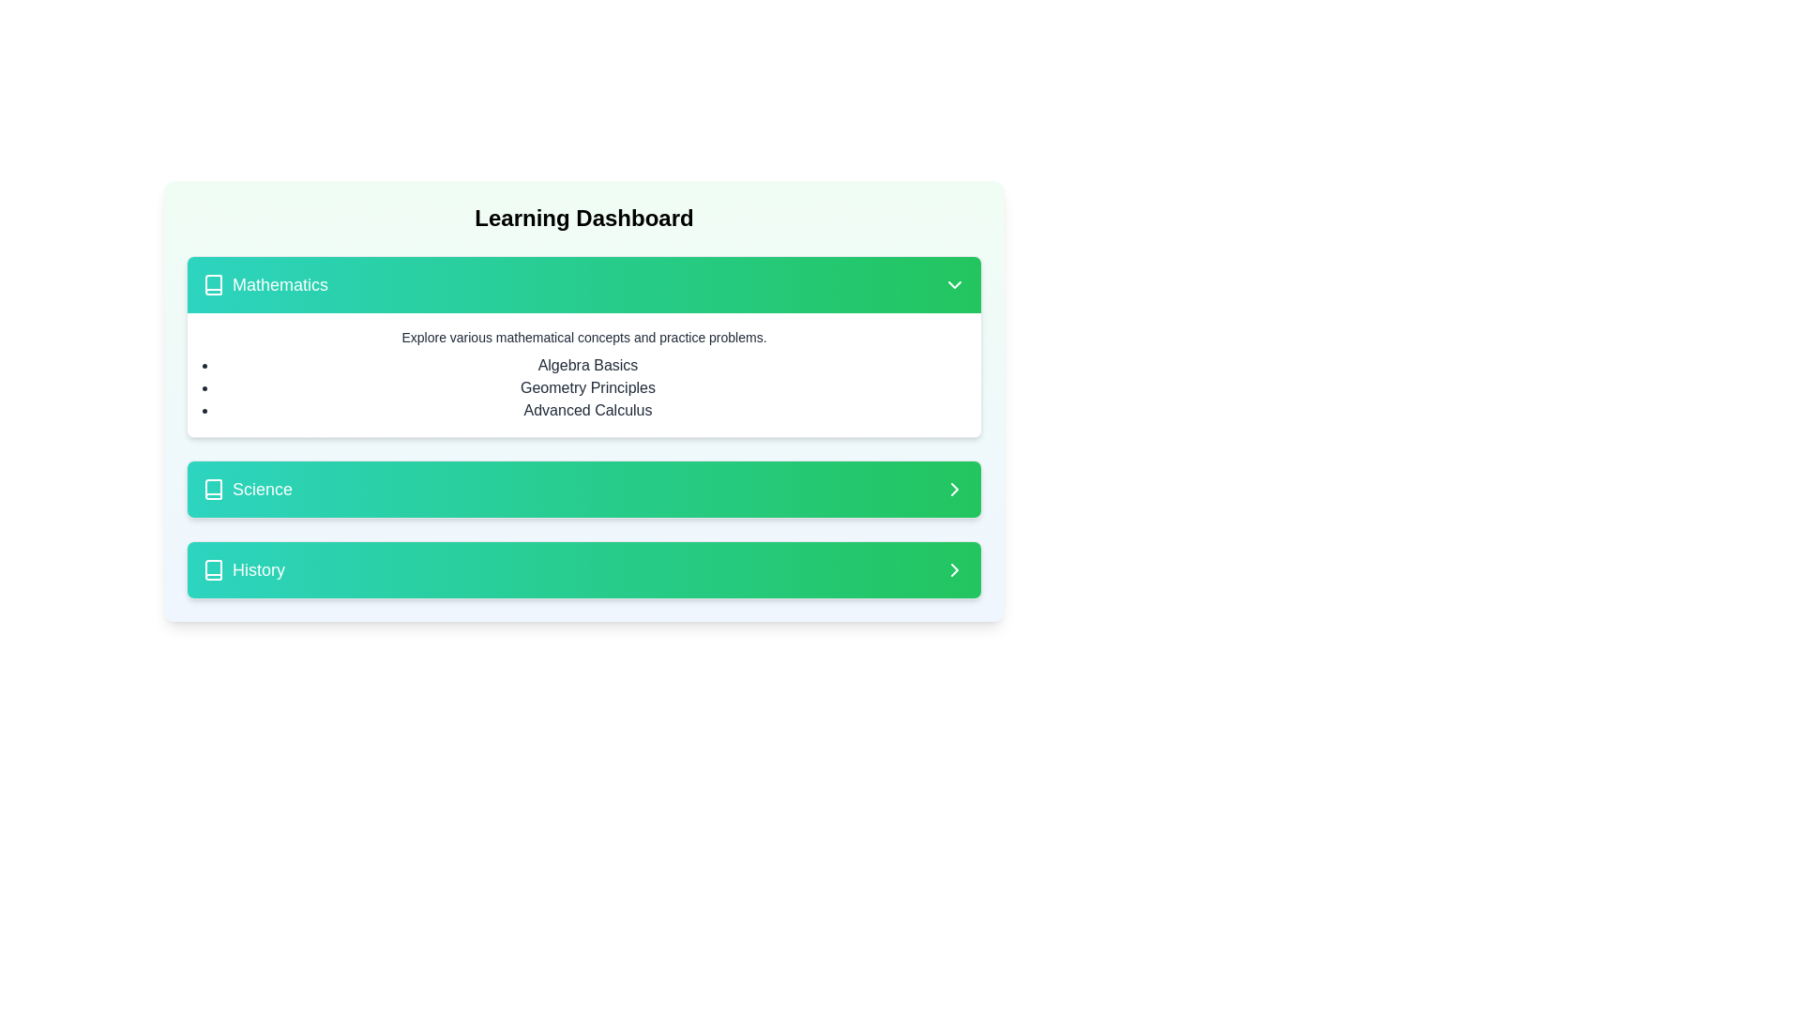  I want to click on the informative text block located within the 'Mathematics' card, positioned below the colorful header section, so click(583, 375).